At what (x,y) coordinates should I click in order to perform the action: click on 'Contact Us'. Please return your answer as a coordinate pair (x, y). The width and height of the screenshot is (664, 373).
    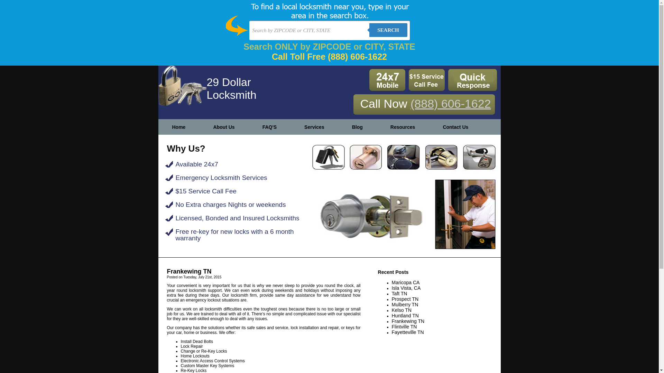
    Looking at the image, I should click on (428, 127).